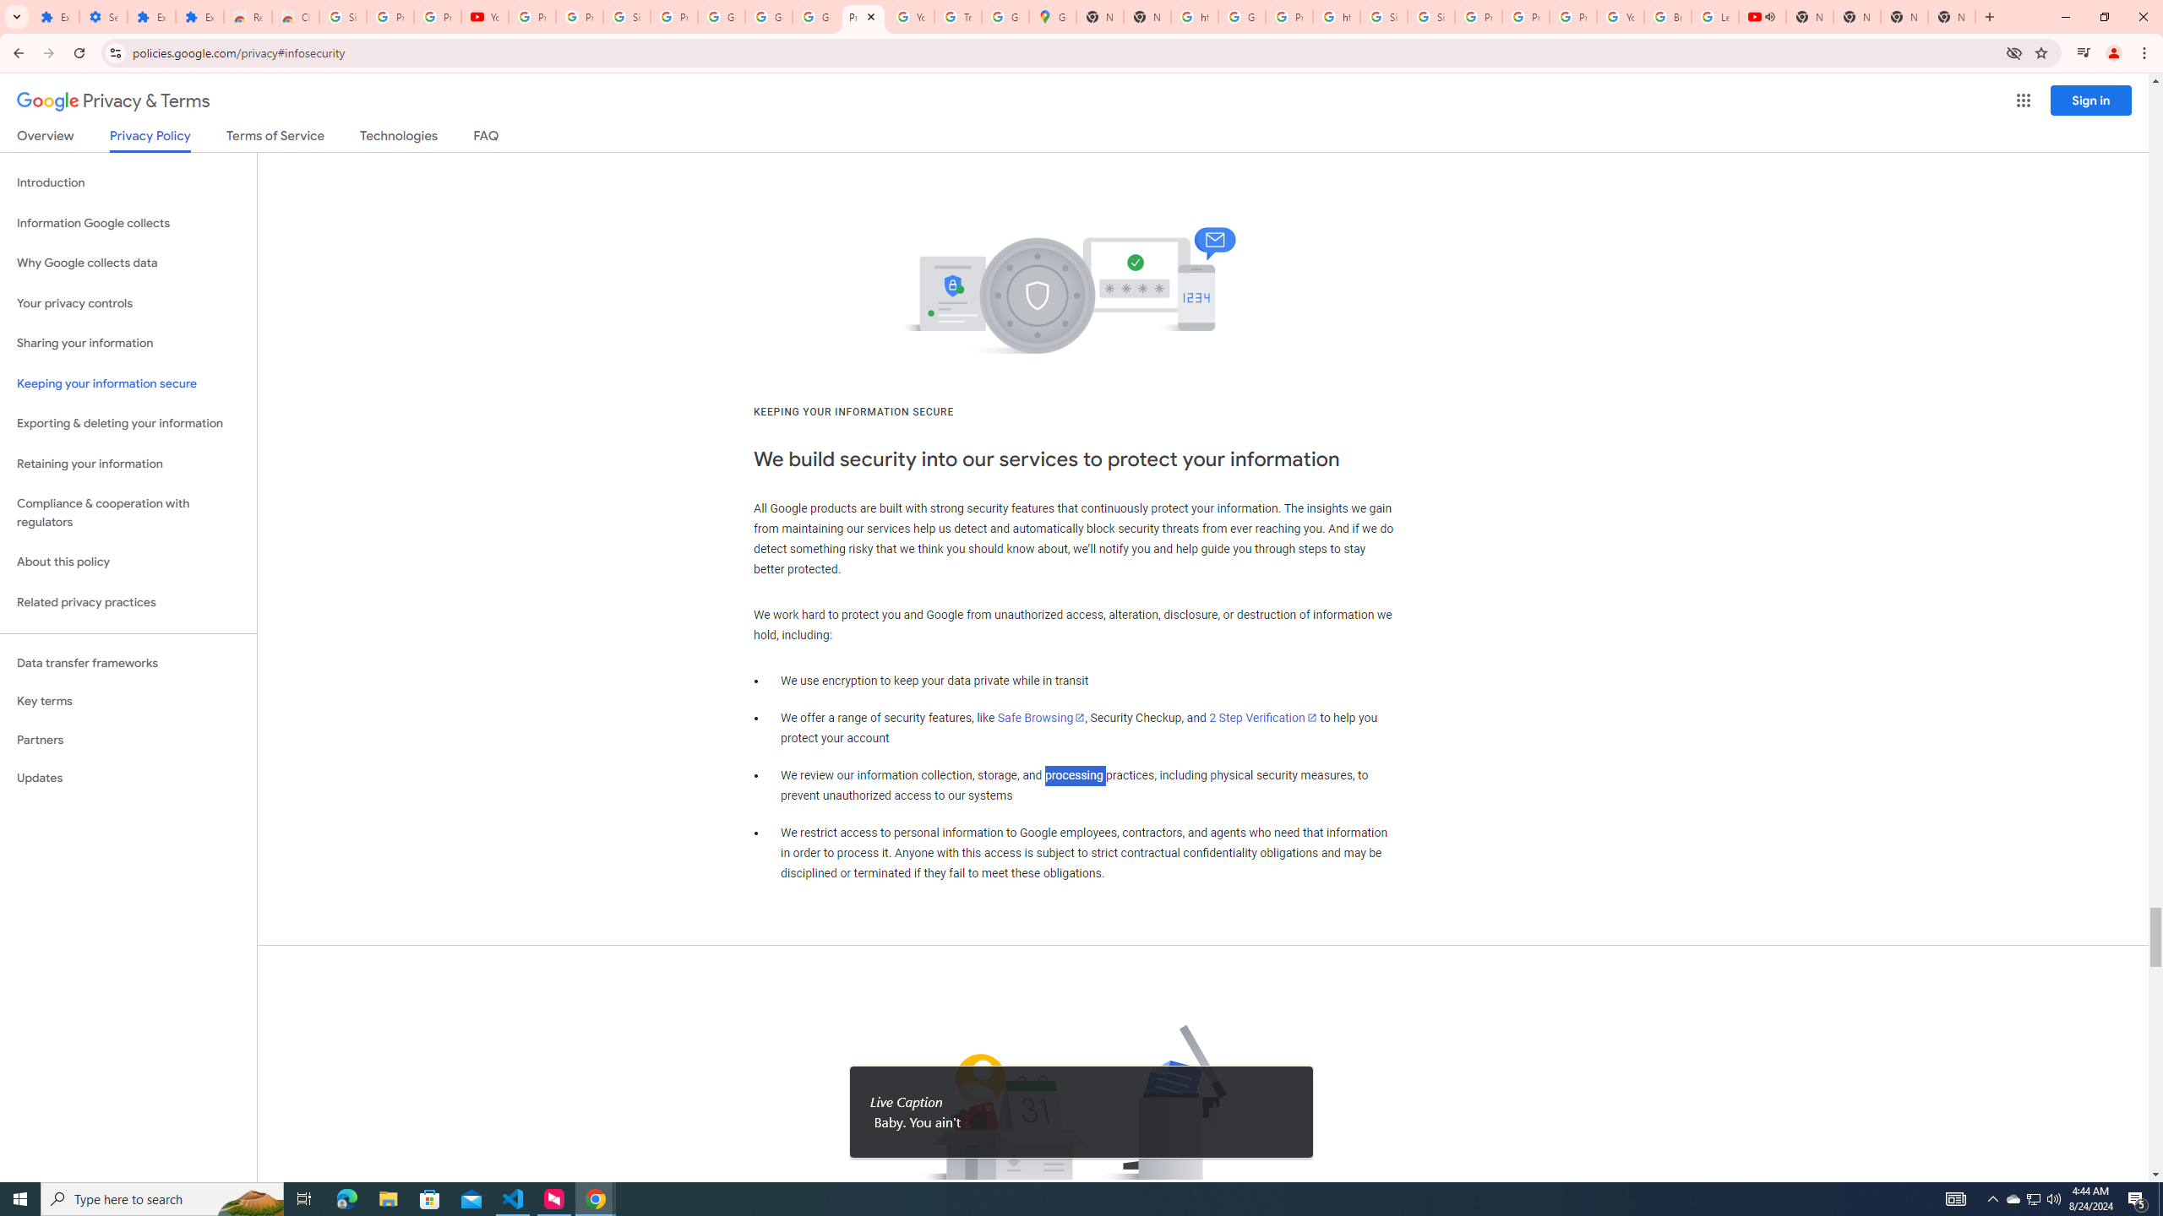 The image size is (2163, 1216). I want to click on 'Privacy & Terms', so click(113, 100).